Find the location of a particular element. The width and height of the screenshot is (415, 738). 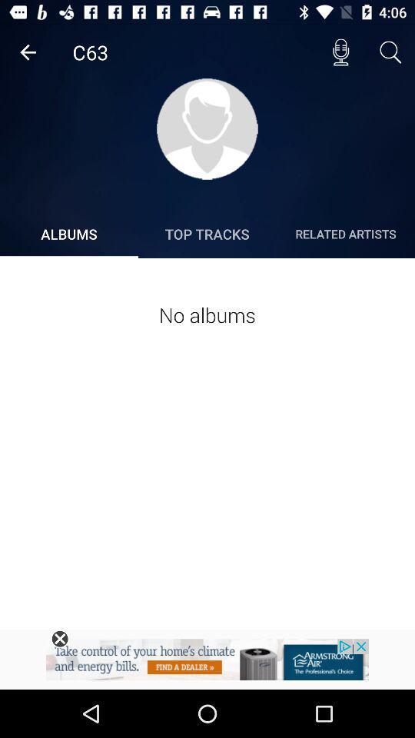

the advertisement is located at coordinates (59, 639).